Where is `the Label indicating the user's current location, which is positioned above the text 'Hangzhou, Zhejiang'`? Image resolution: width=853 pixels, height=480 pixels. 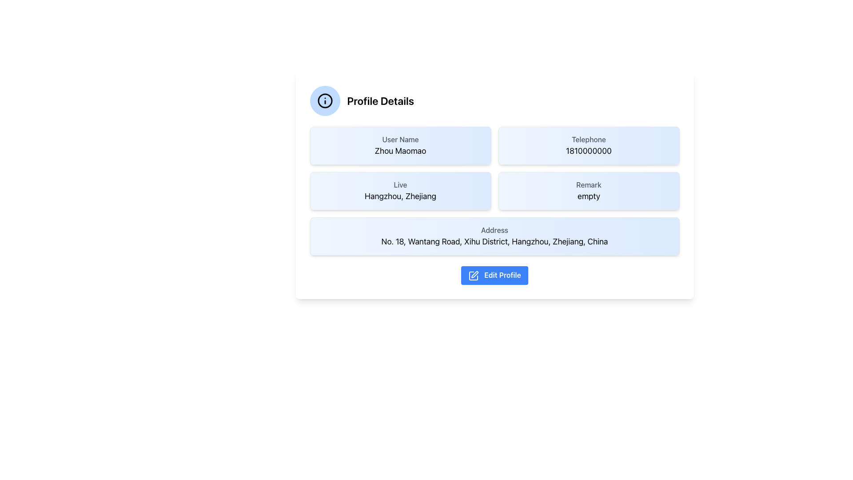
the Label indicating the user's current location, which is positioned above the text 'Hangzhou, Zhejiang' is located at coordinates (400, 184).